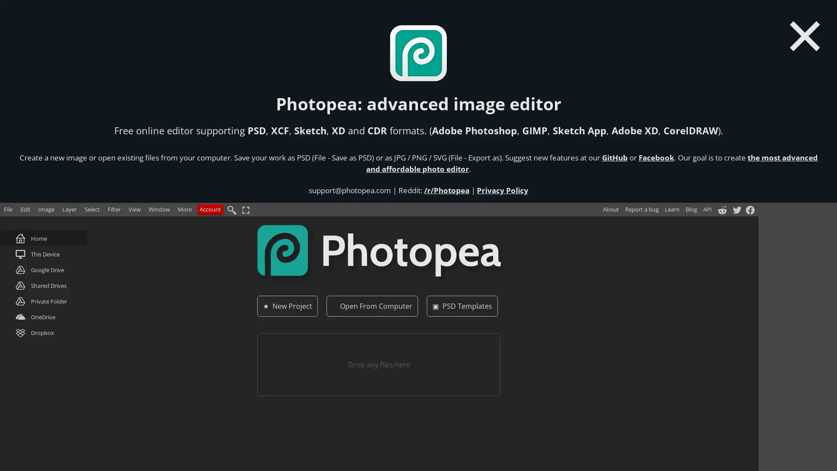  What do you see at coordinates (69, 7) in the screenshot?
I see `Layer` at bounding box center [69, 7].